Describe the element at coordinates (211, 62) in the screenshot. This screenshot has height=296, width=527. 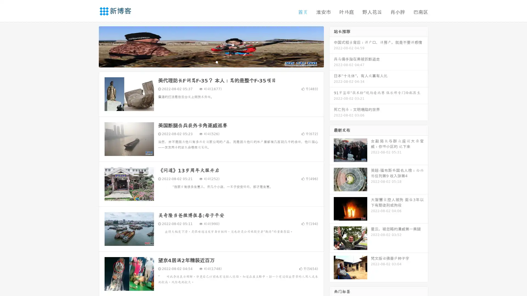
I see `Go to slide 2` at that location.